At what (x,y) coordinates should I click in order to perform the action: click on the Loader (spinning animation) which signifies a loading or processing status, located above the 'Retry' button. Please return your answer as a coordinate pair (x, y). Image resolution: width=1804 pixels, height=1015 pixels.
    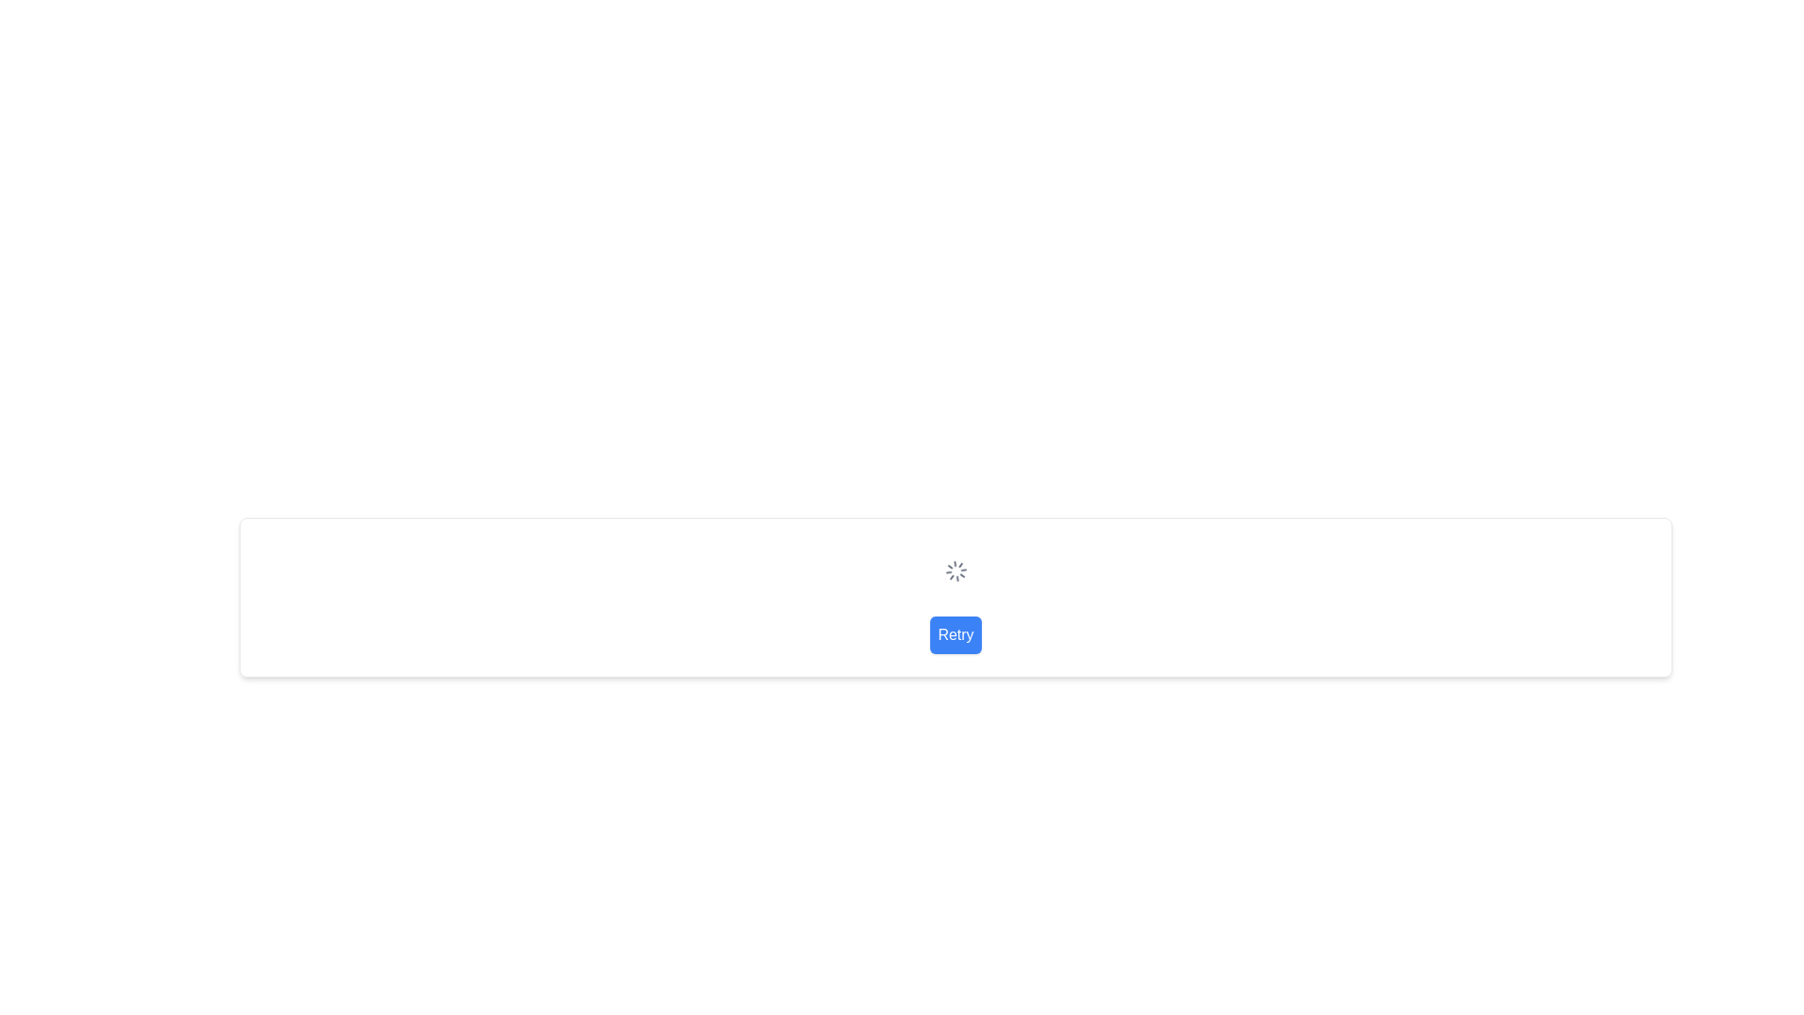
    Looking at the image, I should click on (956, 570).